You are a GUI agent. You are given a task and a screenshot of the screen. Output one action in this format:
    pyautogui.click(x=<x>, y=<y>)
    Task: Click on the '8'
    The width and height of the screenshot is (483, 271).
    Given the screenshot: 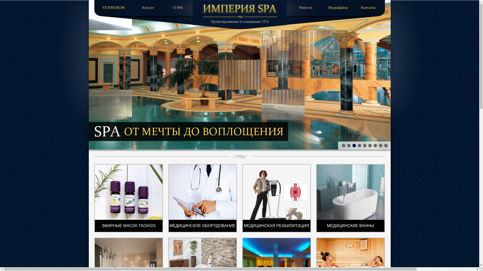 What is the action you would take?
    pyautogui.click(x=380, y=145)
    